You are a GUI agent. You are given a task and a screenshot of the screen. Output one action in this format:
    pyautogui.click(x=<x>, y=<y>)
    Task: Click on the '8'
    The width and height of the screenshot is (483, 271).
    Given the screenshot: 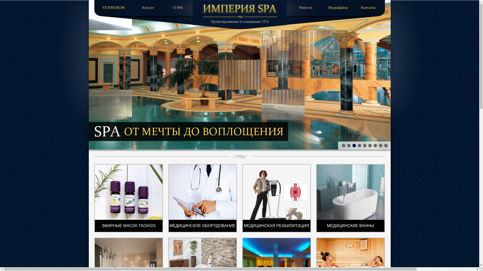 What is the action you would take?
    pyautogui.click(x=380, y=145)
    